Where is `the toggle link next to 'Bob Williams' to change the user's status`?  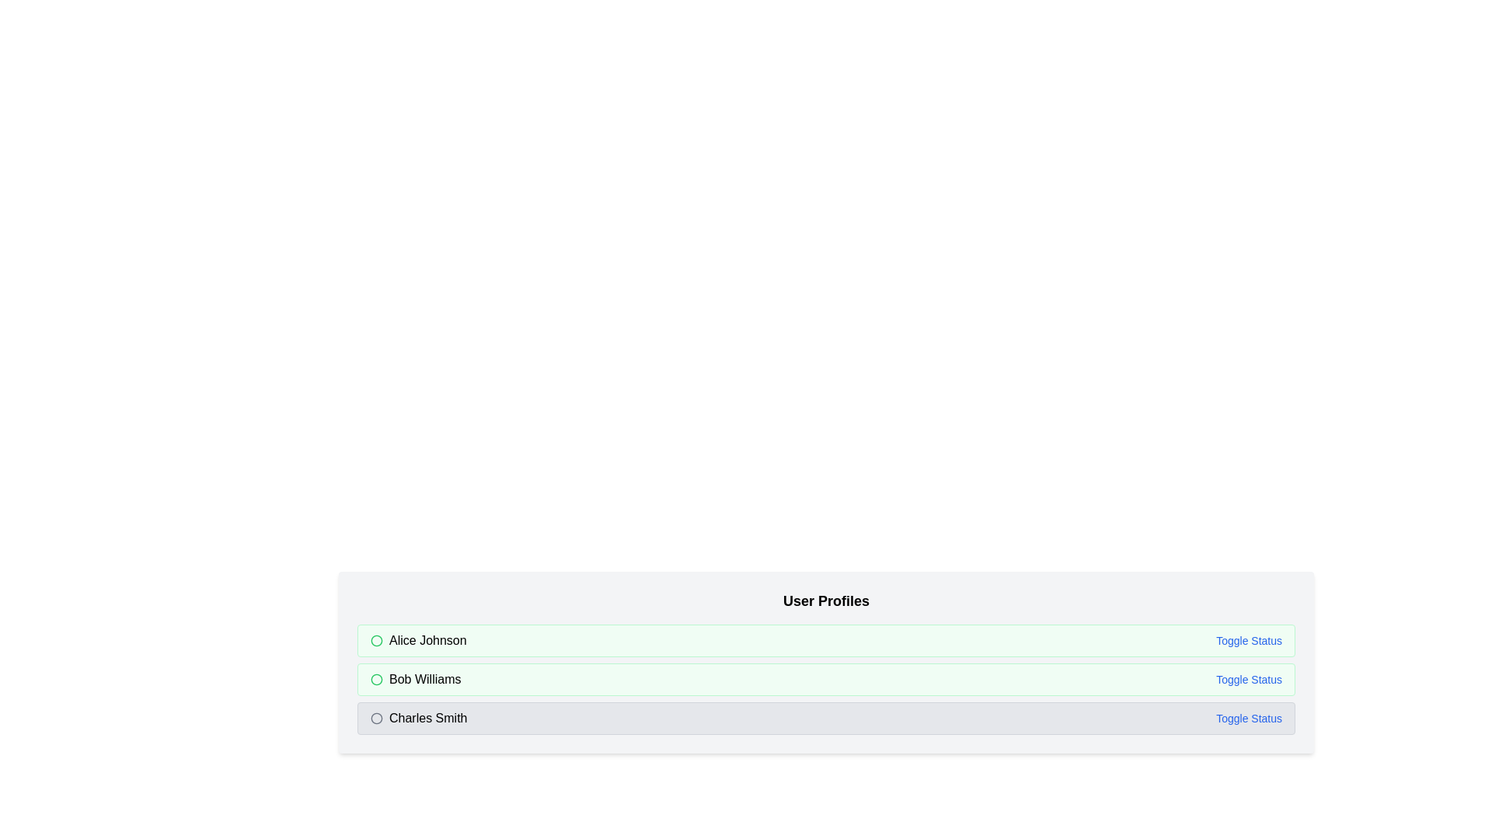
the toggle link next to 'Bob Williams' to change the user's status is located at coordinates (1249, 679).